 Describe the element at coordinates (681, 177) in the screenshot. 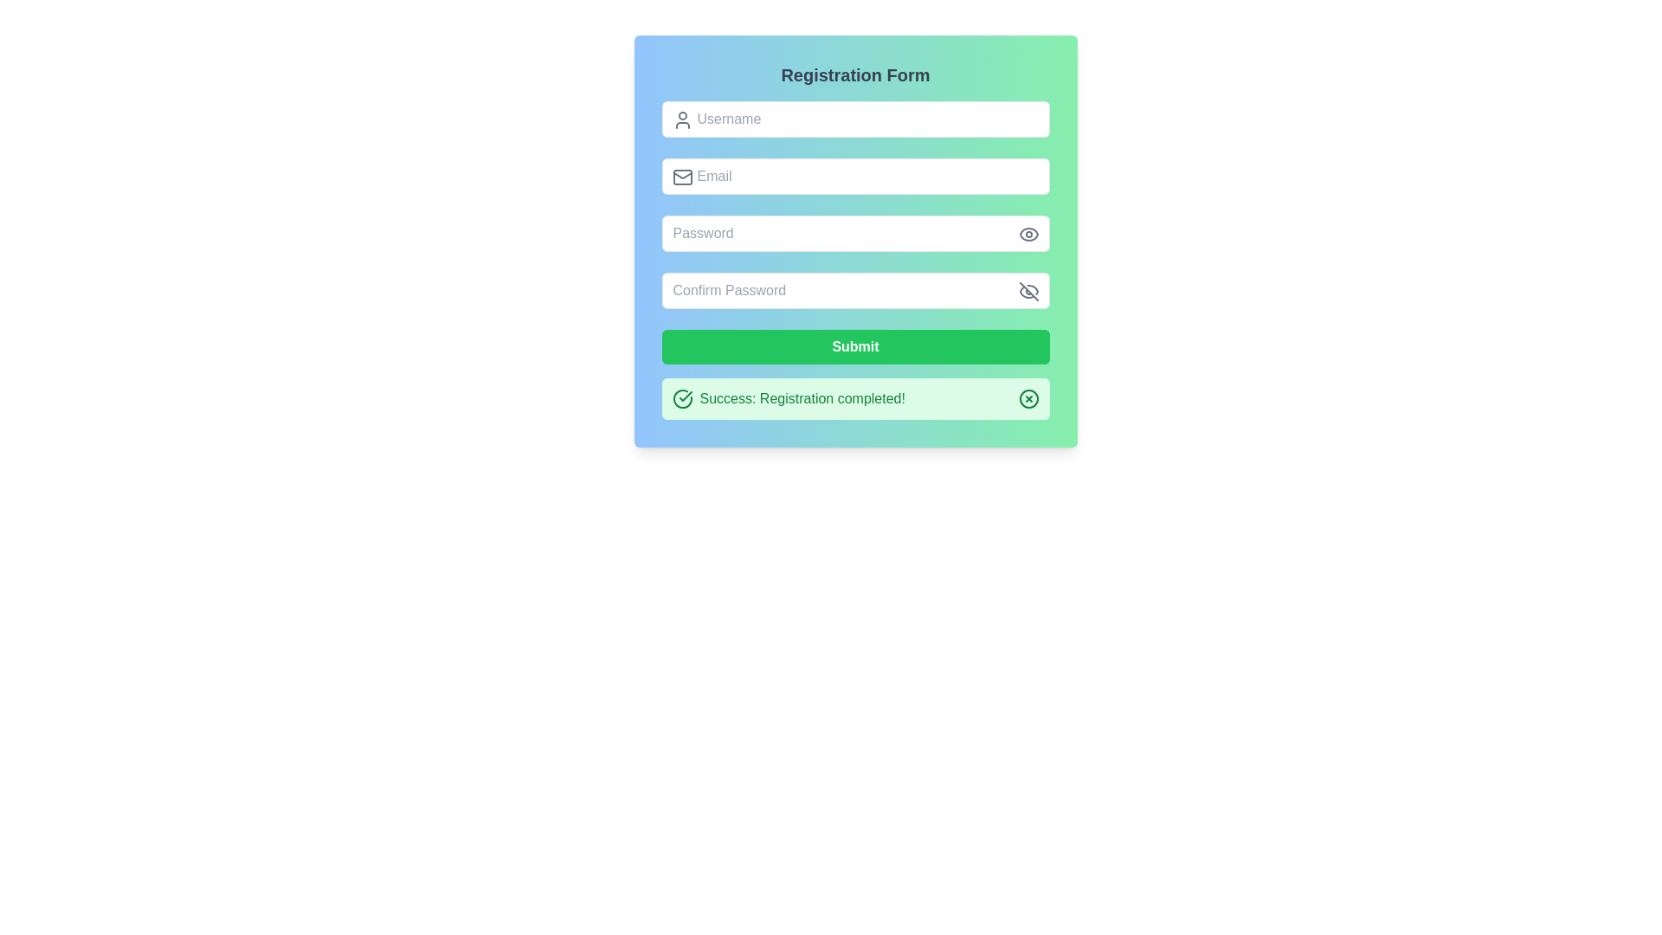

I see `the email icon located to the left of the placeholder text 'Email' to focus the associated text field` at that location.